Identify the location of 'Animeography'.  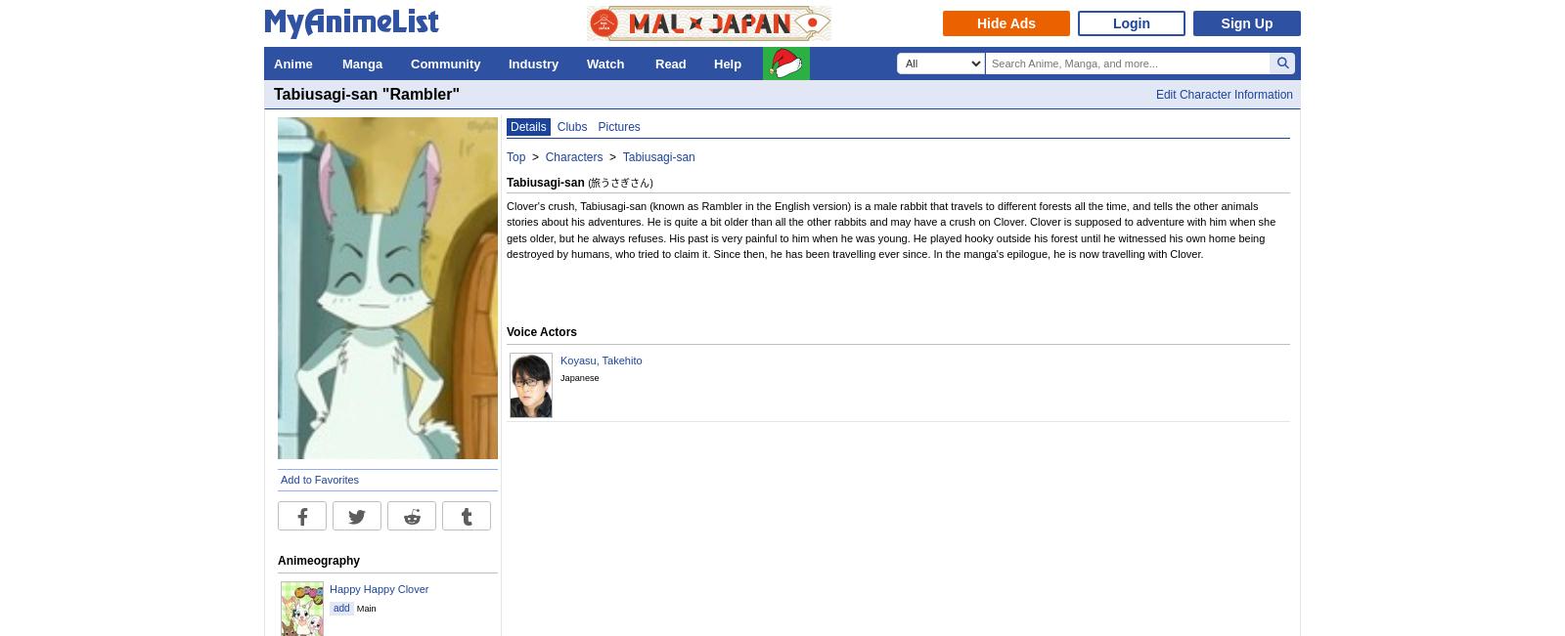
(278, 559).